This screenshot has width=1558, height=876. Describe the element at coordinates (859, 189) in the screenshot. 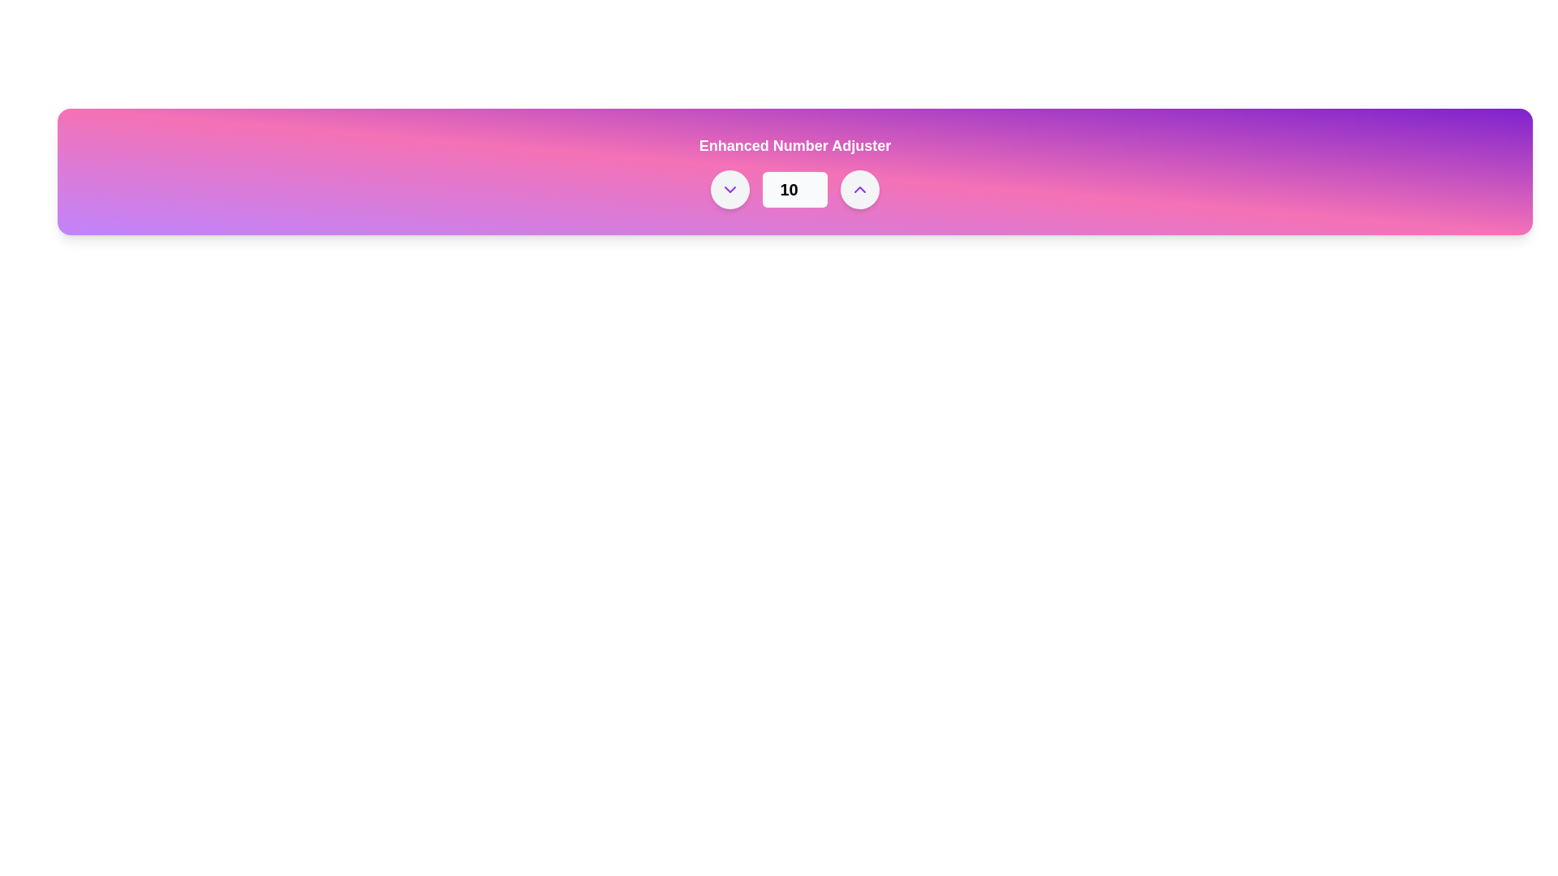

I see `the chevron-style upward arrow icon located within a circular purple button on the right side of the components below the 'Enhanced Number Adjuster' title` at that location.